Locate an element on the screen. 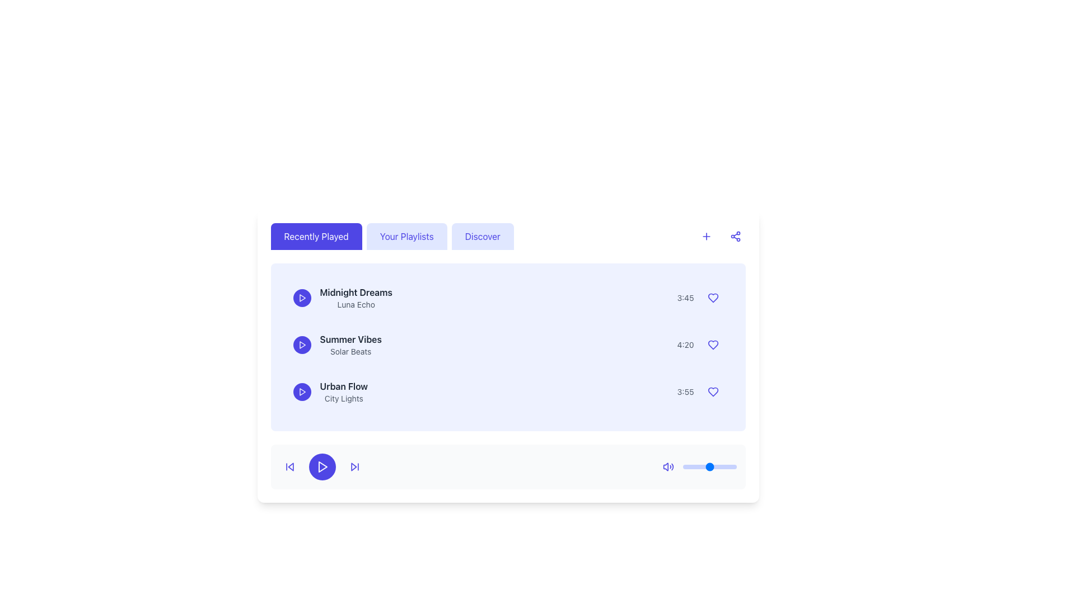 This screenshot has width=1075, height=604. the circular blue button with a white triangular play icon located centrally among playback controls is located at coordinates (321, 466).